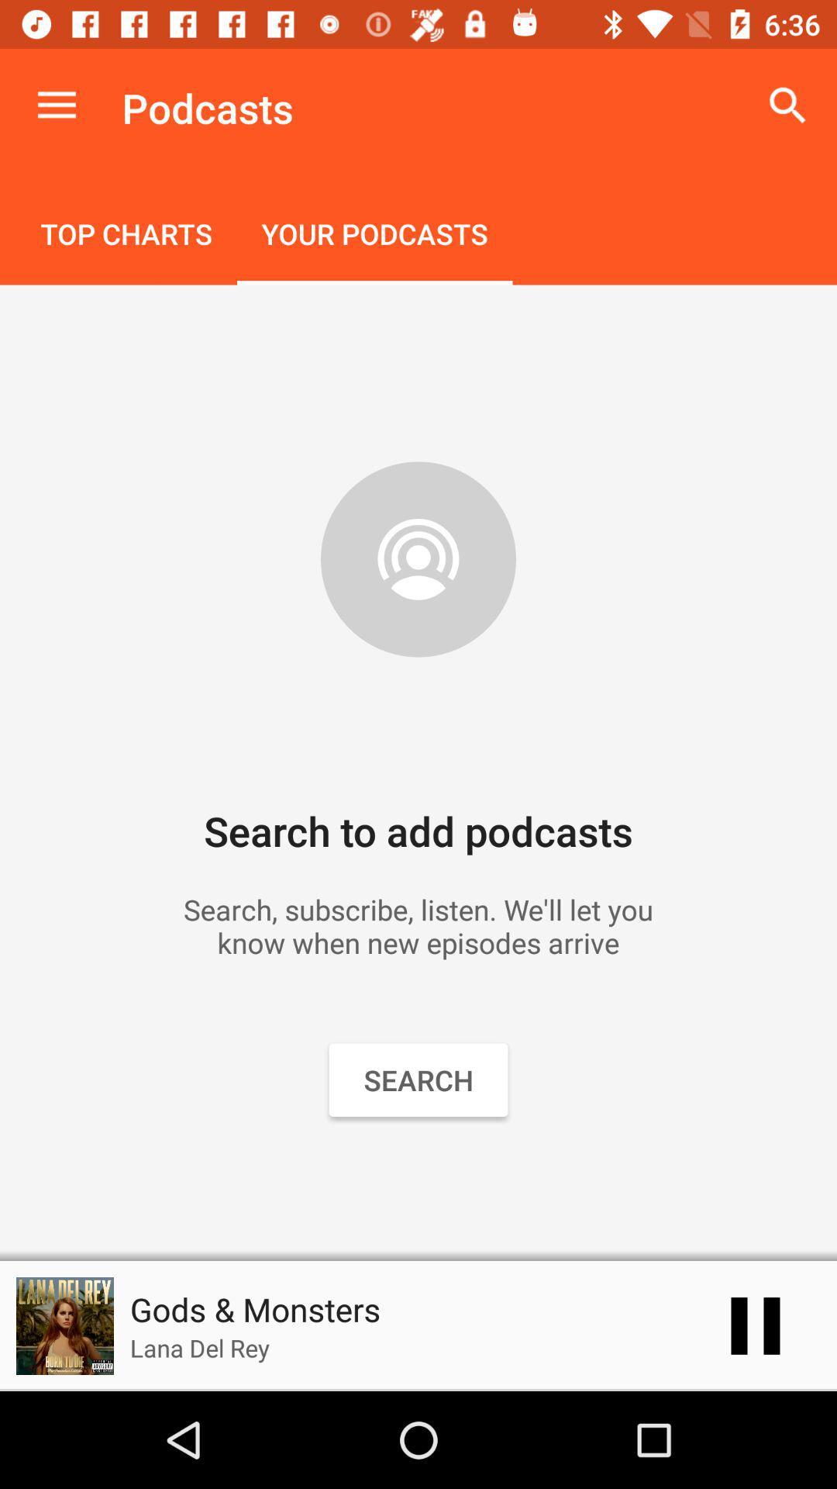 The image size is (837, 1489). I want to click on the item above top charts item, so click(56, 105).